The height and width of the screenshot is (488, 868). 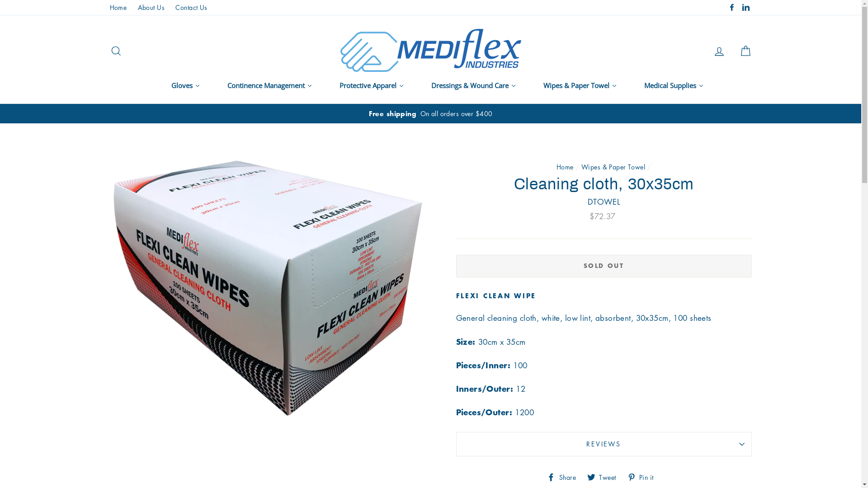 I want to click on 'Facebook', so click(x=731, y=7).